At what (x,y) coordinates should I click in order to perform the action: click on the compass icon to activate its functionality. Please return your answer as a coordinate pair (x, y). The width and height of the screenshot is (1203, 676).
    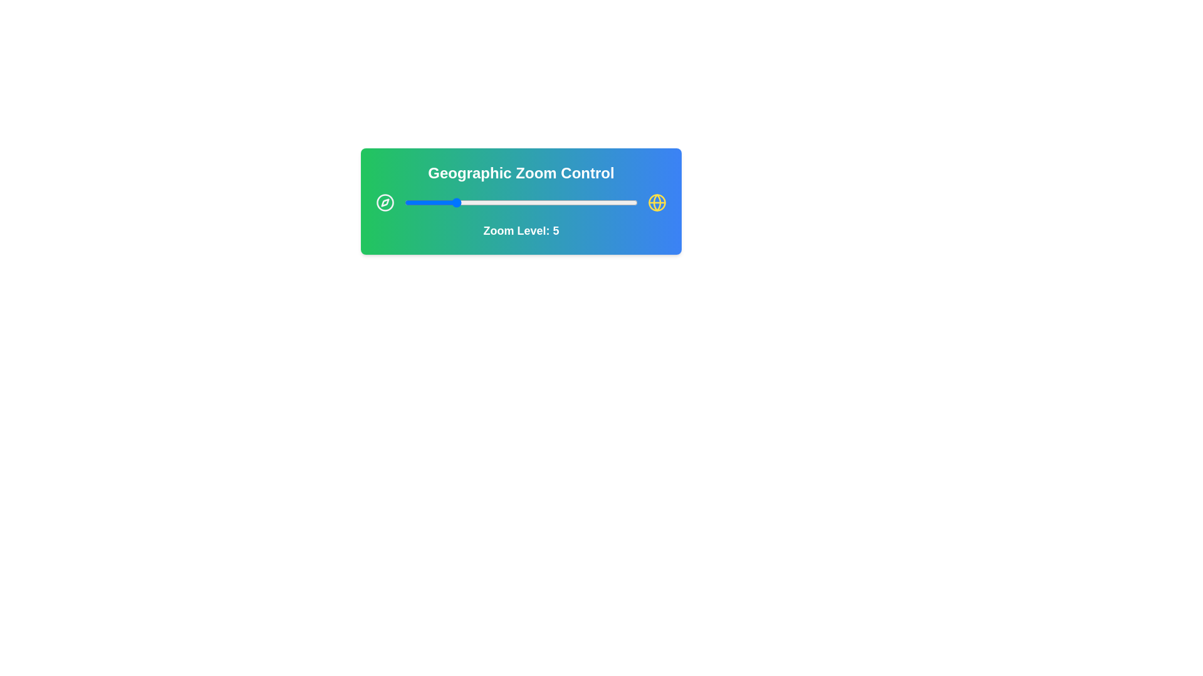
    Looking at the image, I should click on (384, 202).